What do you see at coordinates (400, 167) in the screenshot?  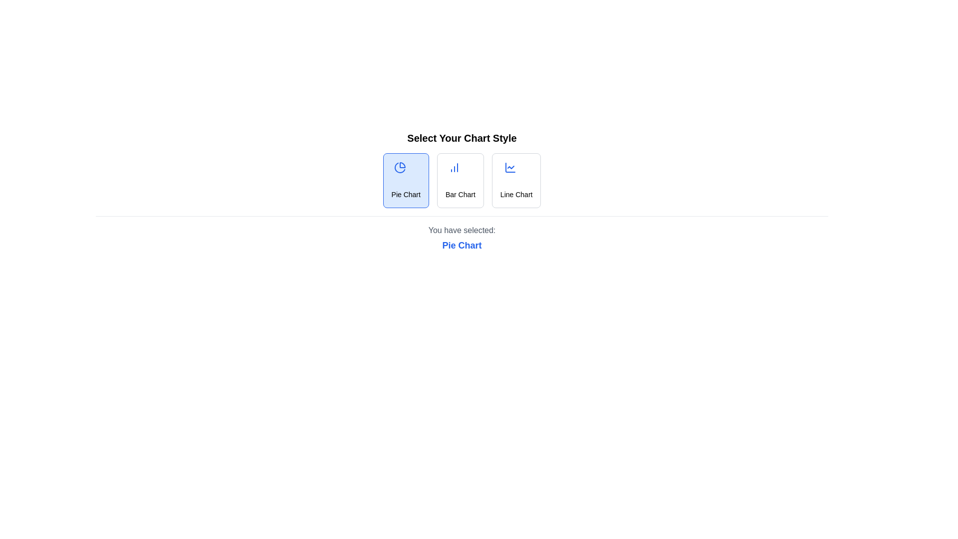 I see `the top left segment of the SVG circle representing the Pie Chart selection option, which is part of a group of three selectable chart icons labeled 'Pie Chart', 'Bar Chart', and 'Line Chart'` at bounding box center [400, 167].